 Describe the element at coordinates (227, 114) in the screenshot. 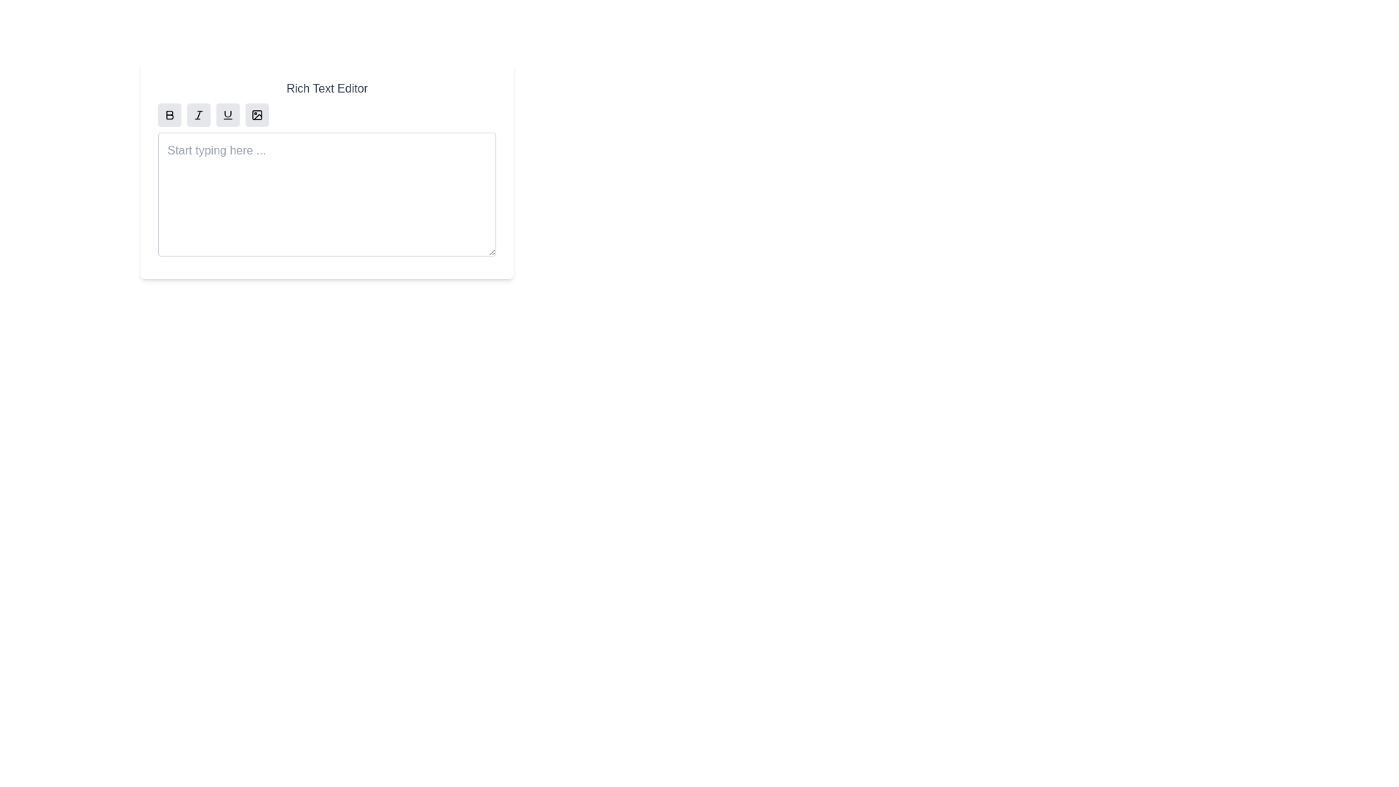

I see `the underline formatting button, which is a small icon represented by a curved line above a straight horizontal line, located in the toolbar above the text editor` at that location.